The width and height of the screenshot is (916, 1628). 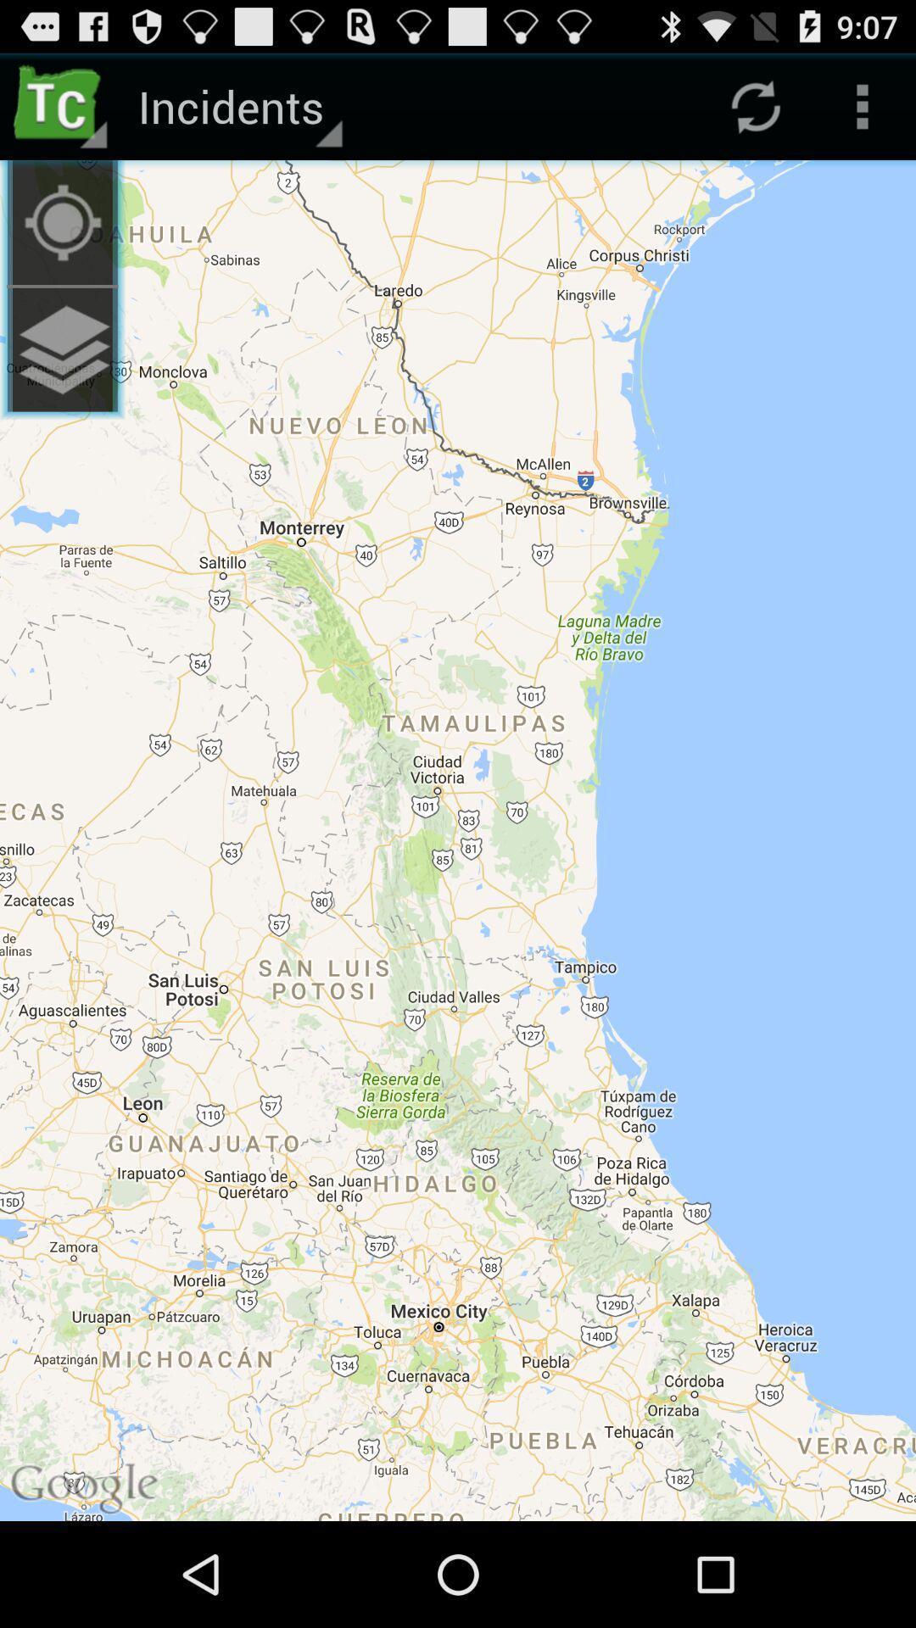 I want to click on icon to the left of the incidents item, so click(x=61, y=105).